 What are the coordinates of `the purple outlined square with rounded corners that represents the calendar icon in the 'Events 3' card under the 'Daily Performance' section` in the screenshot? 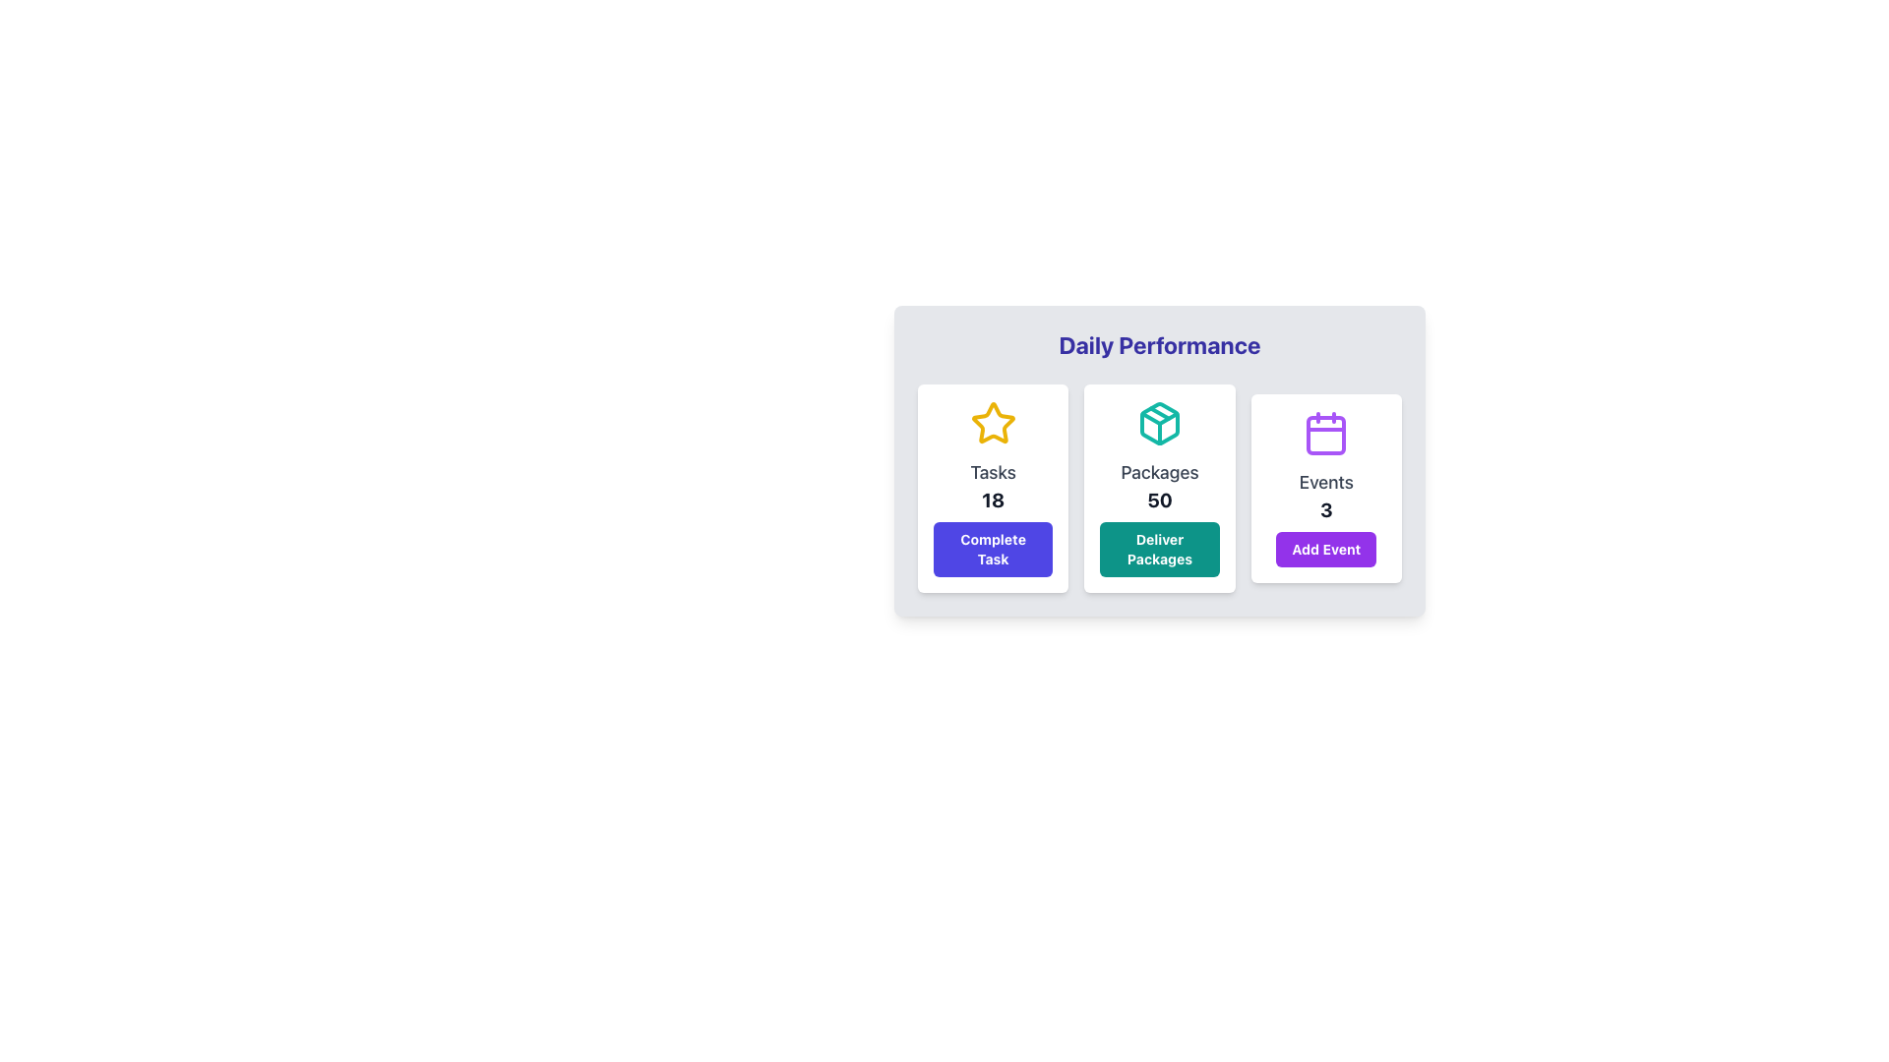 It's located at (1326, 435).